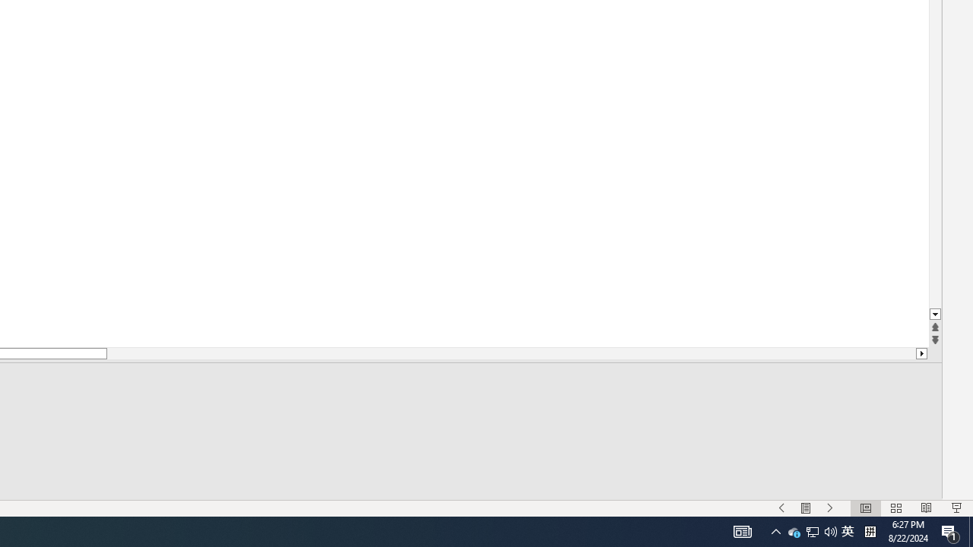 This screenshot has height=547, width=973. I want to click on 'Q2790: 100%', so click(805, 508).